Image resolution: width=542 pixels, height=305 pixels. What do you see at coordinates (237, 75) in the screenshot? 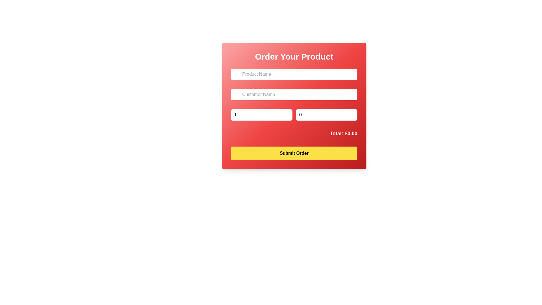
I see `the shopping bag icon SVG located to the left of the 'Product Name' text input field, which is styled with a red gradient background` at bounding box center [237, 75].